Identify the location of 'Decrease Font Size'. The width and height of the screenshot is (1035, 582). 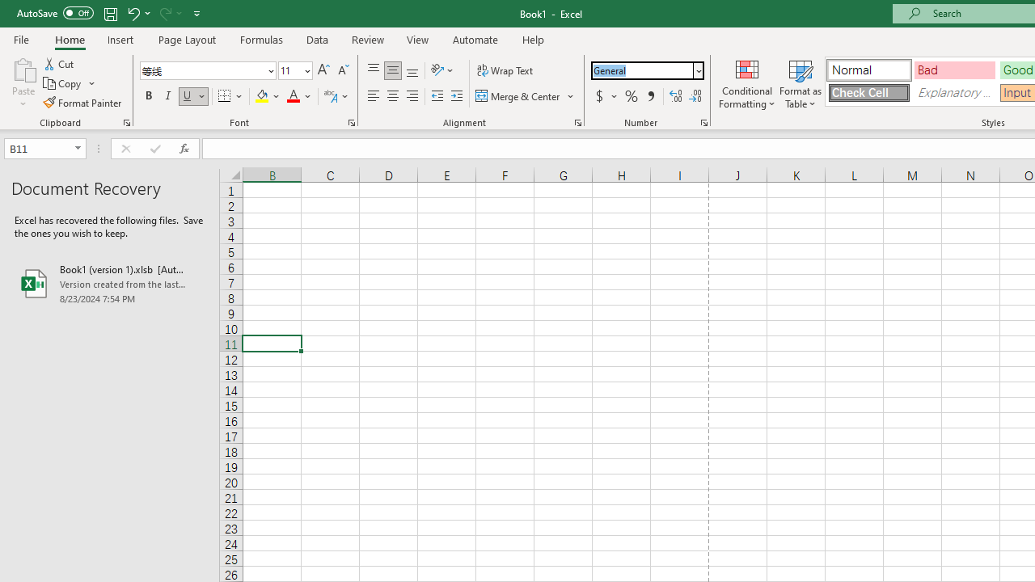
(342, 70).